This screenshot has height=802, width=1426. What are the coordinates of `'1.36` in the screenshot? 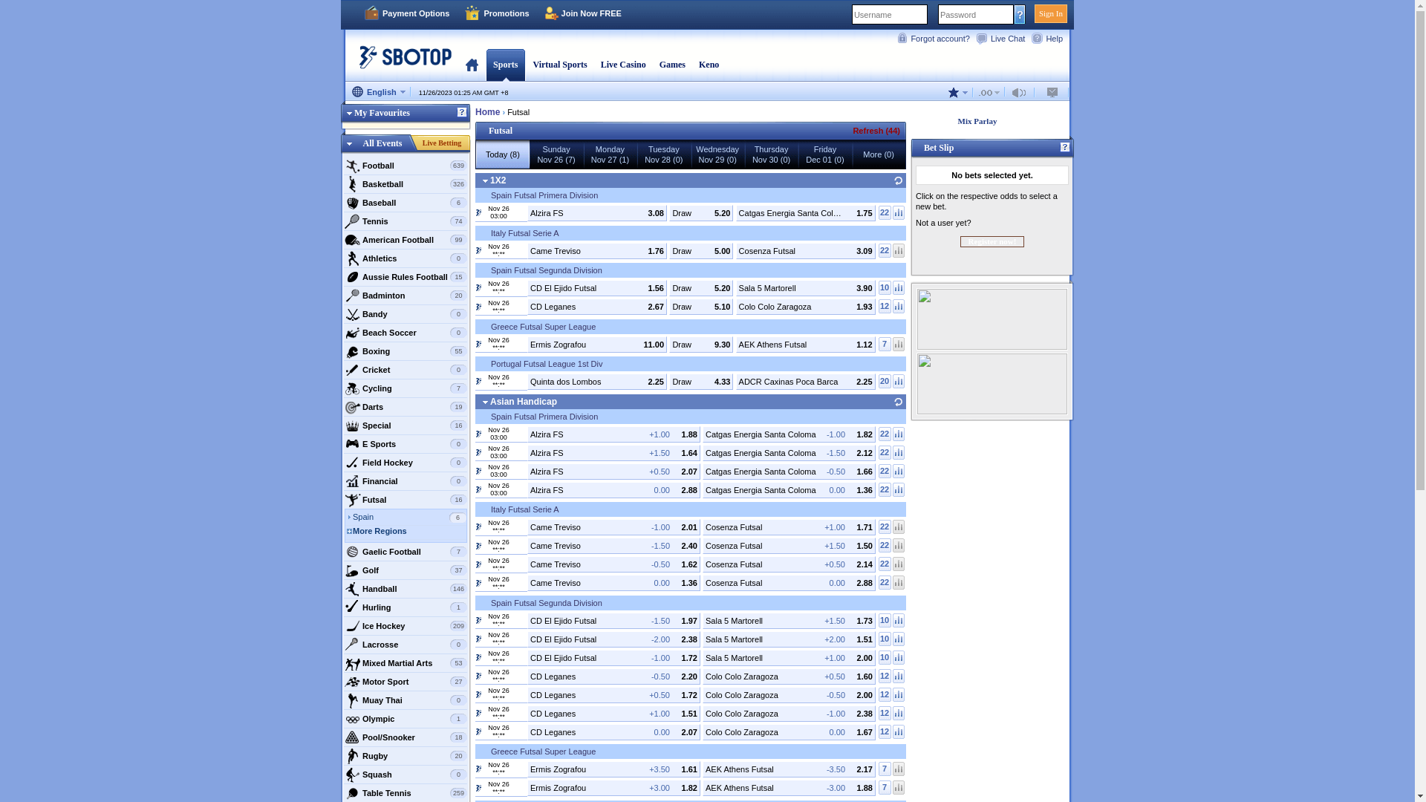 It's located at (788, 489).